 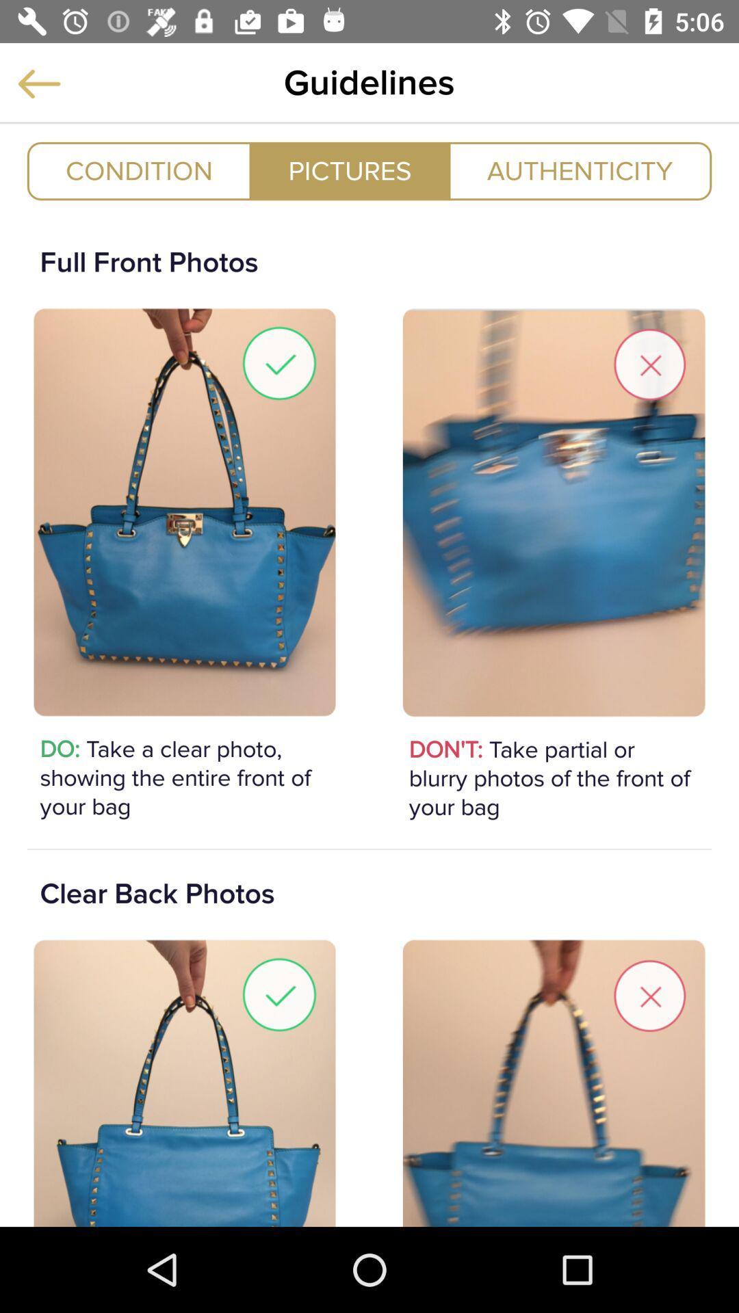 What do you see at coordinates (139, 170) in the screenshot?
I see `the condition item` at bounding box center [139, 170].